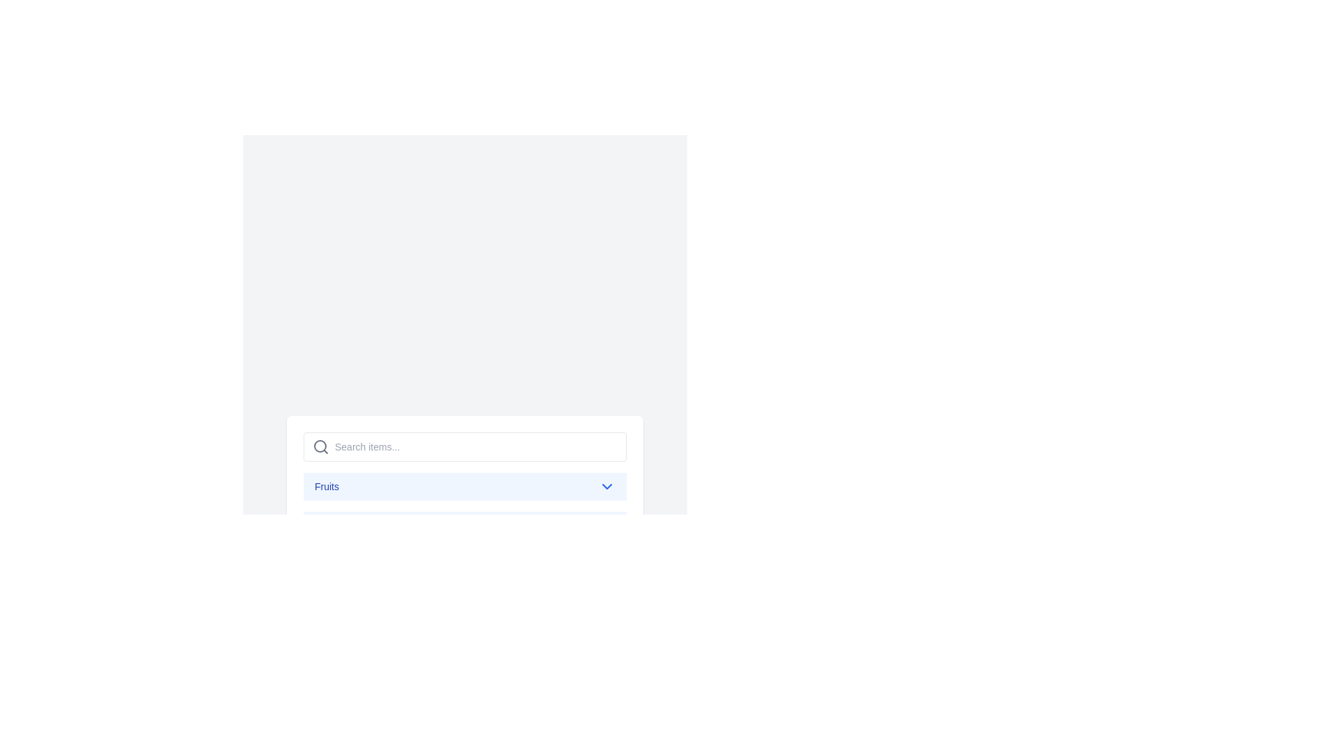  Describe the element at coordinates (464, 485) in the screenshot. I see `the first option in the dropdown menu under the search bar labeled 'Fruits' to interact with it` at that location.